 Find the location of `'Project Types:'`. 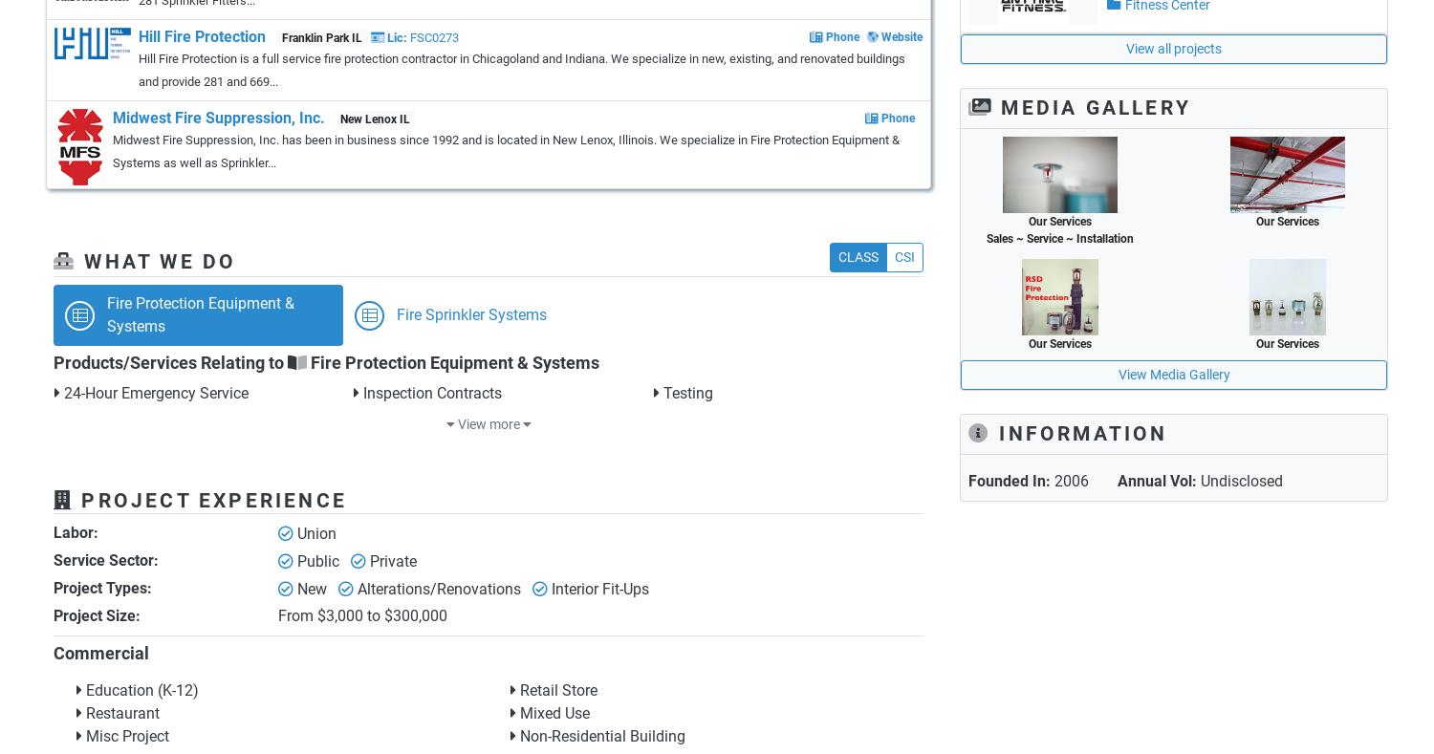

'Project Types:' is located at coordinates (53, 588).